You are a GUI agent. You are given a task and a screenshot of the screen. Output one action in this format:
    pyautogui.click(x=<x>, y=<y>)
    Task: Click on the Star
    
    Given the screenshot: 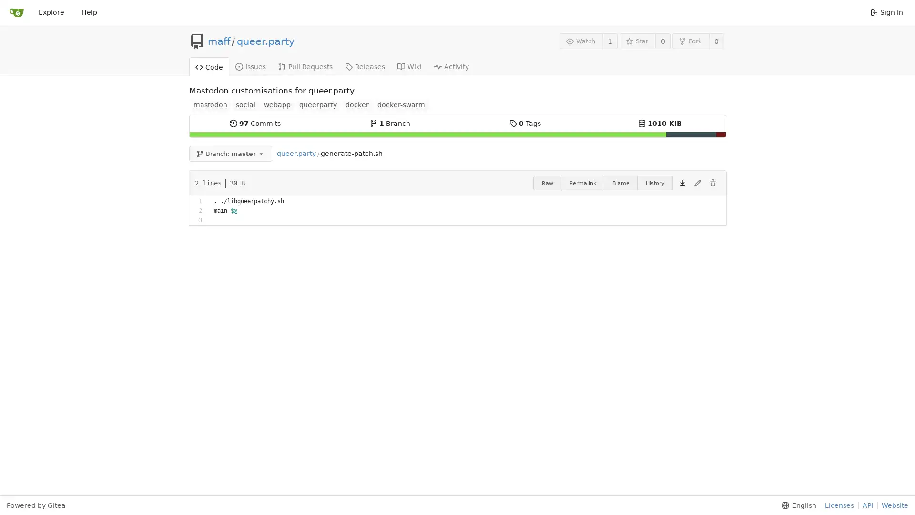 What is the action you would take?
    pyautogui.click(x=637, y=41)
    